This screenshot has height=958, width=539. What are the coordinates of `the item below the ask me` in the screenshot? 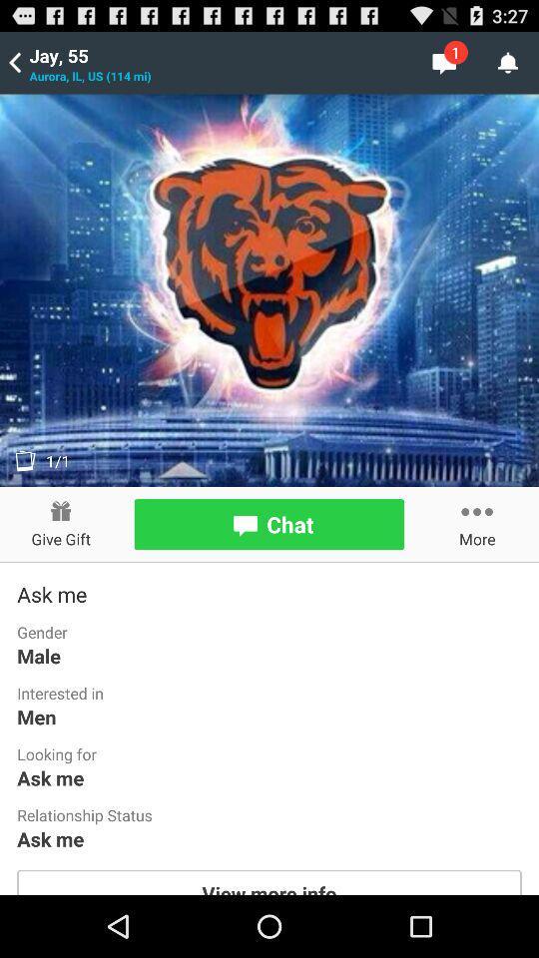 It's located at (269, 881).